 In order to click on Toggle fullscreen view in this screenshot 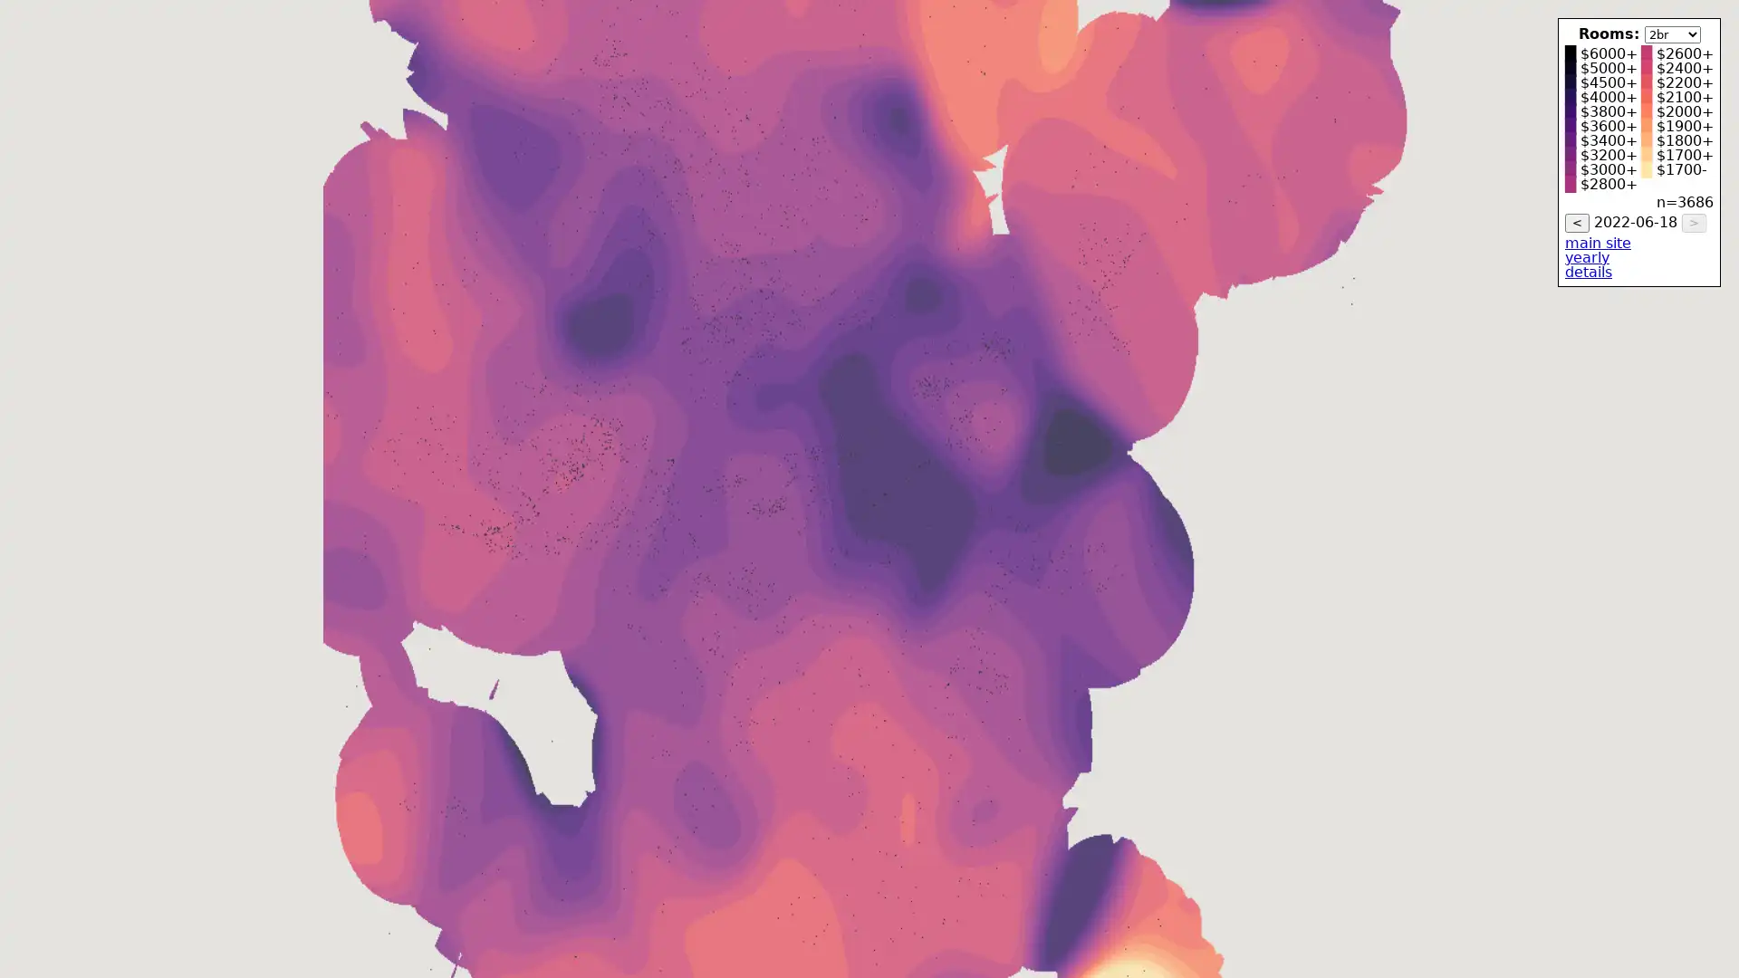, I will do `click(1711, 27)`.